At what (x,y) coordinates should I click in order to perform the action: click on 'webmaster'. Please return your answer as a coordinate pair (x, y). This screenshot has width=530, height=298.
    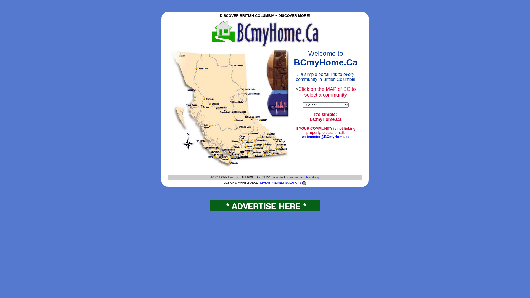
    Looking at the image, I should click on (290, 177).